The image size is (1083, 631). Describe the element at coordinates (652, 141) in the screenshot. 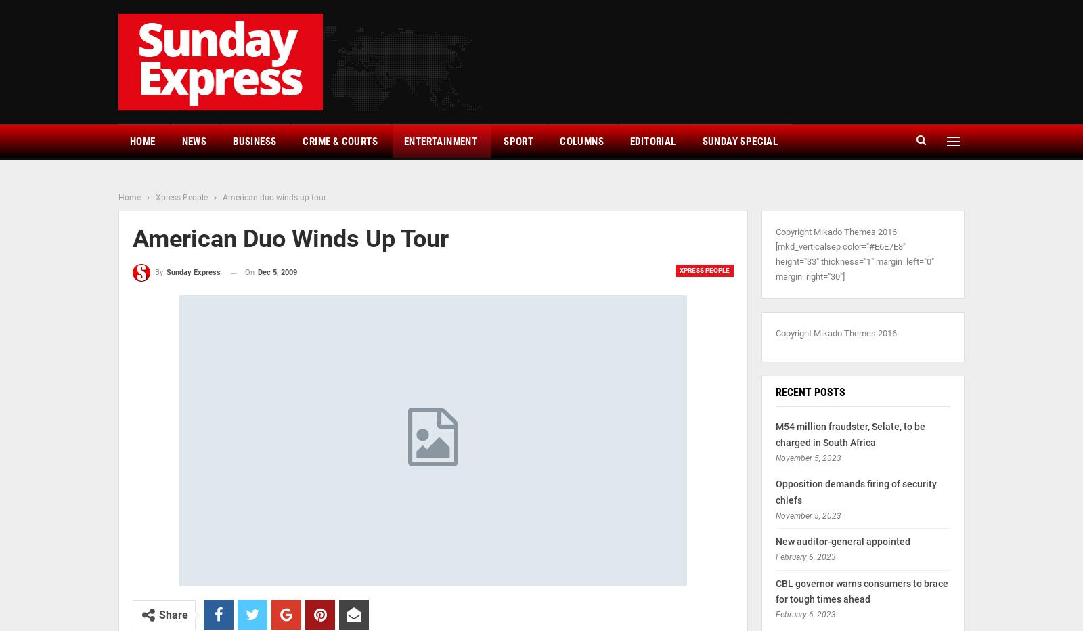

I see `'Editorial'` at that location.